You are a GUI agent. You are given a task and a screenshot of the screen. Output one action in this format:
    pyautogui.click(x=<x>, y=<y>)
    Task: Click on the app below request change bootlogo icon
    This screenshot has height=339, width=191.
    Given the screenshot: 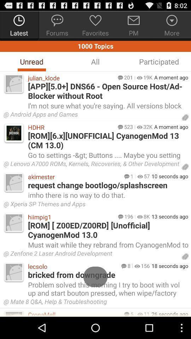 What is the action you would take?
    pyautogui.click(x=107, y=195)
    